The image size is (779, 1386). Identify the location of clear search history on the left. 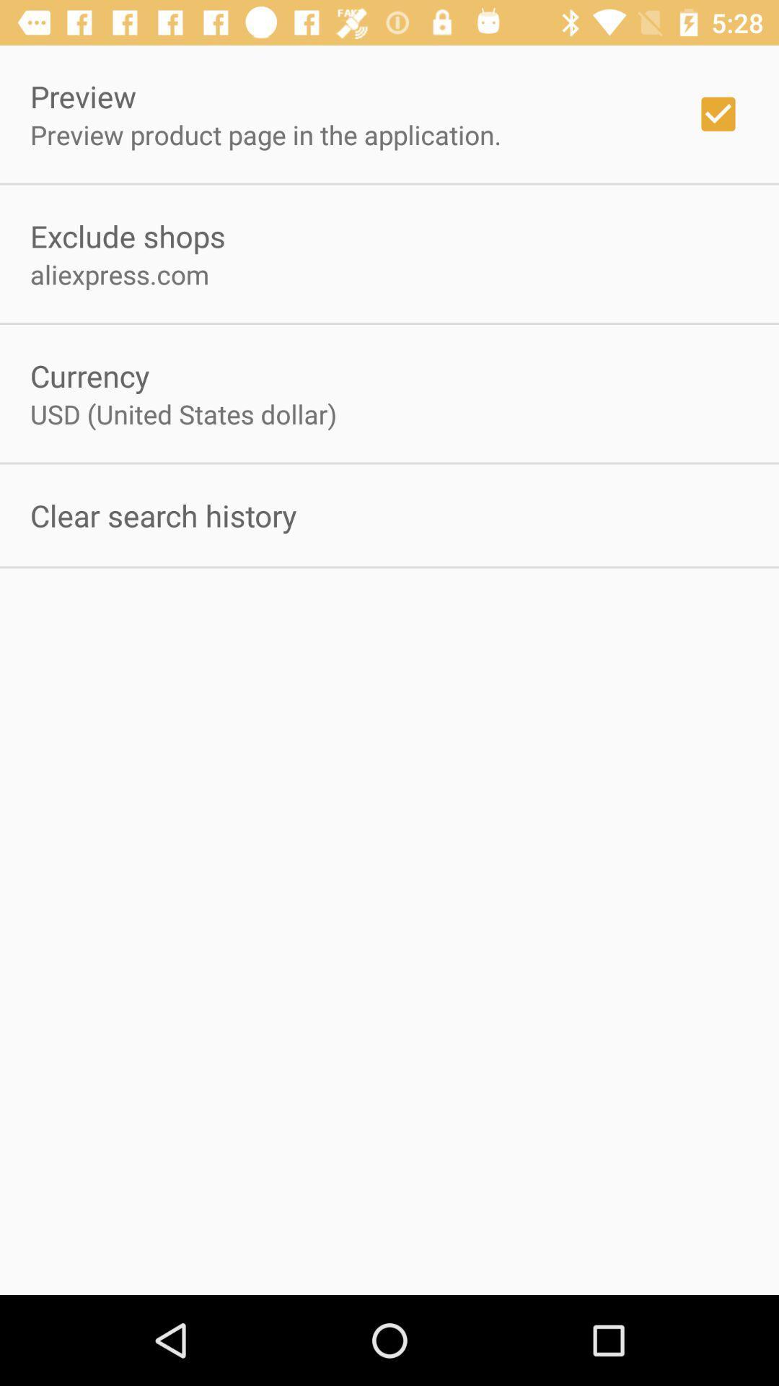
(162, 515).